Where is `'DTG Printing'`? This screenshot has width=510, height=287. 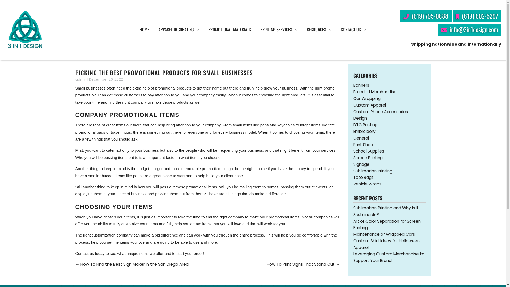
'DTG Printing' is located at coordinates (365, 125).